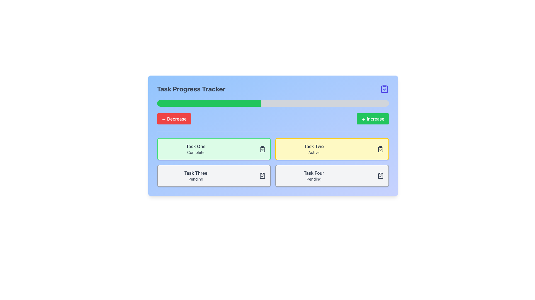 Image resolution: width=535 pixels, height=300 pixels. Describe the element at coordinates (196, 149) in the screenshot. I see `the Text Label displaying 'Task One' with status 'Complete', located in the green card in the top left of the grid layout beneath the progress bar` at that location.